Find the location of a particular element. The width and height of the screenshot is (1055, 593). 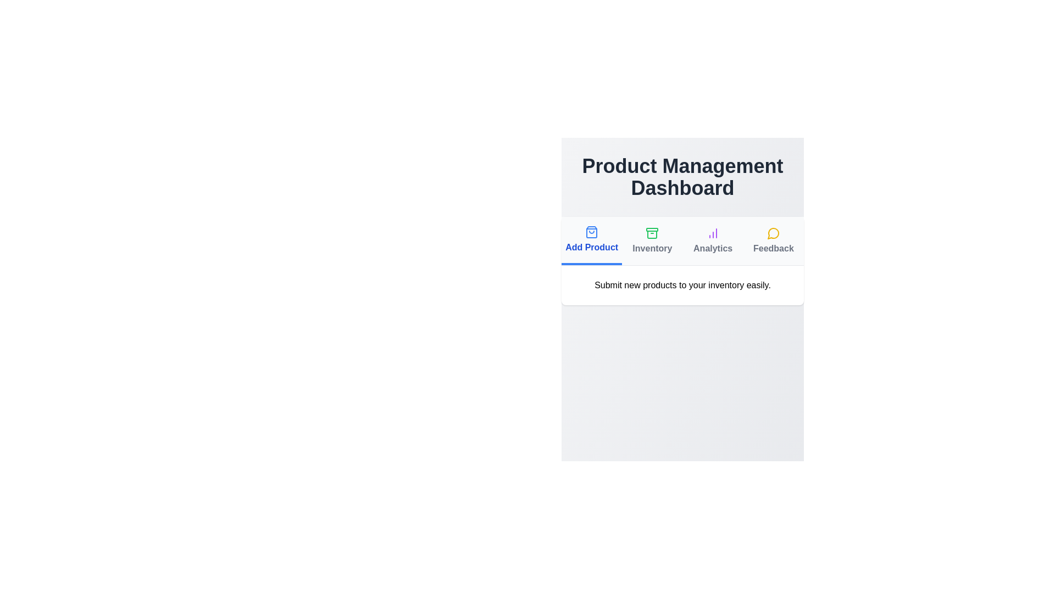

the purple-stroke graphical icon resembling a bar chart labeled 'Analytics', which is the third icon in a row of four, positioned between the 'Inventory' and 'Feedback' icons is located at coordinates (713, 232).